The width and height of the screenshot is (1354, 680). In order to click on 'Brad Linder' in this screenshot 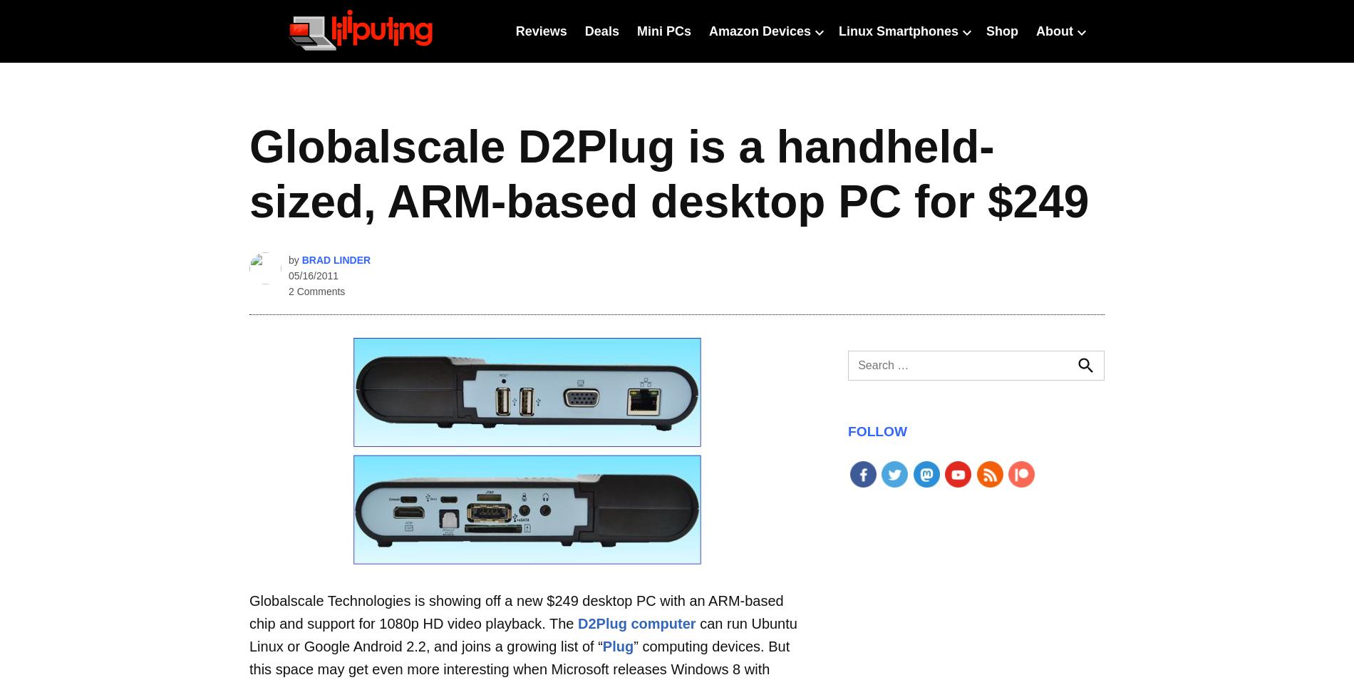, I will do `click(335, 259)`.